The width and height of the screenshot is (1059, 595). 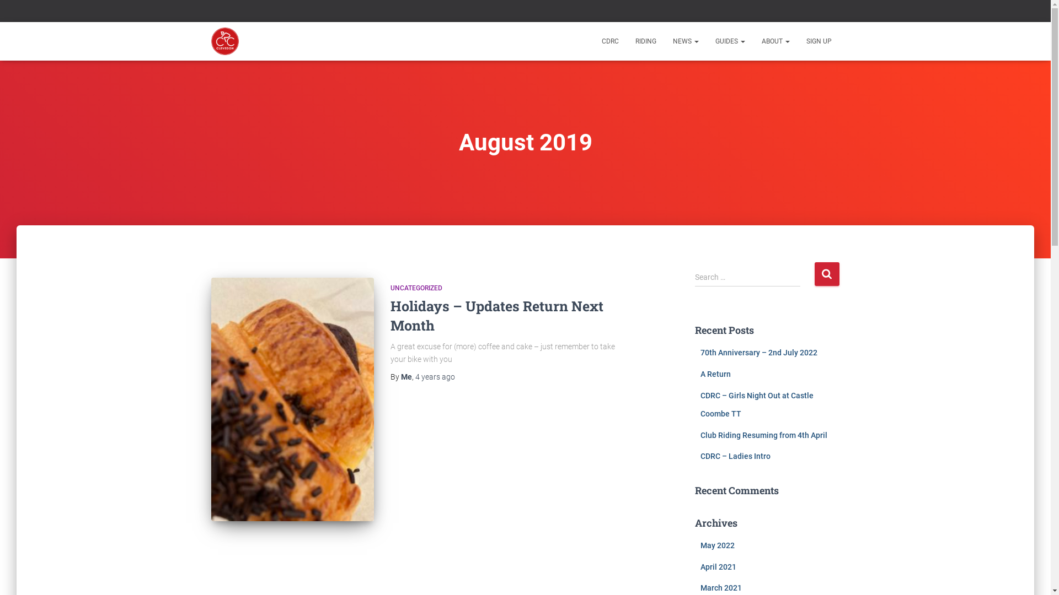 I want to click on 'GUIDES', so click(x=730, y=40).